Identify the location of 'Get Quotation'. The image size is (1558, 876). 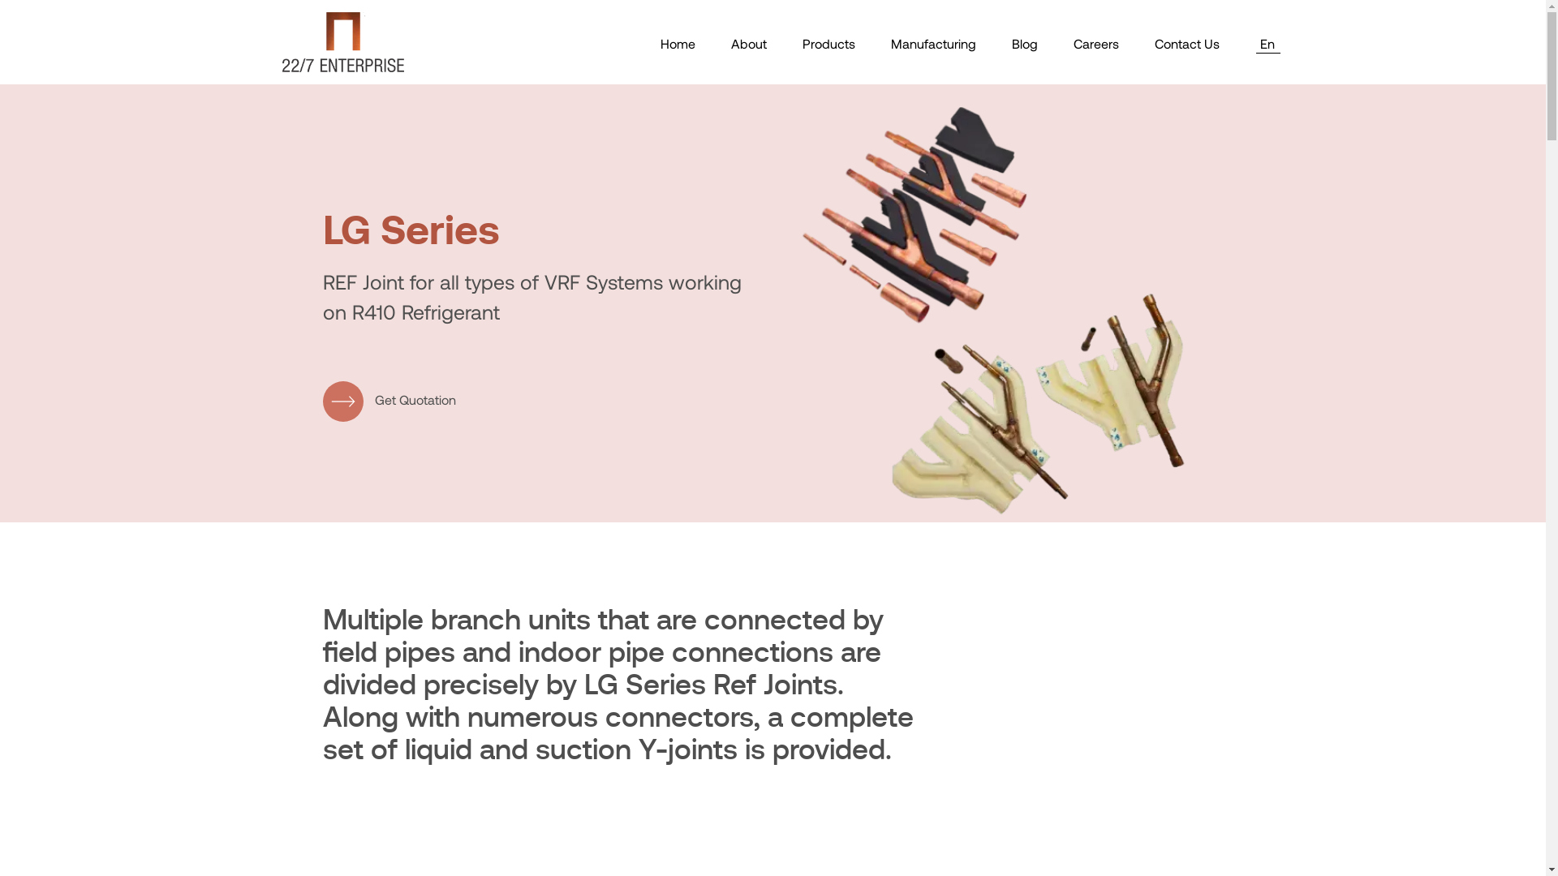
(389, 401).